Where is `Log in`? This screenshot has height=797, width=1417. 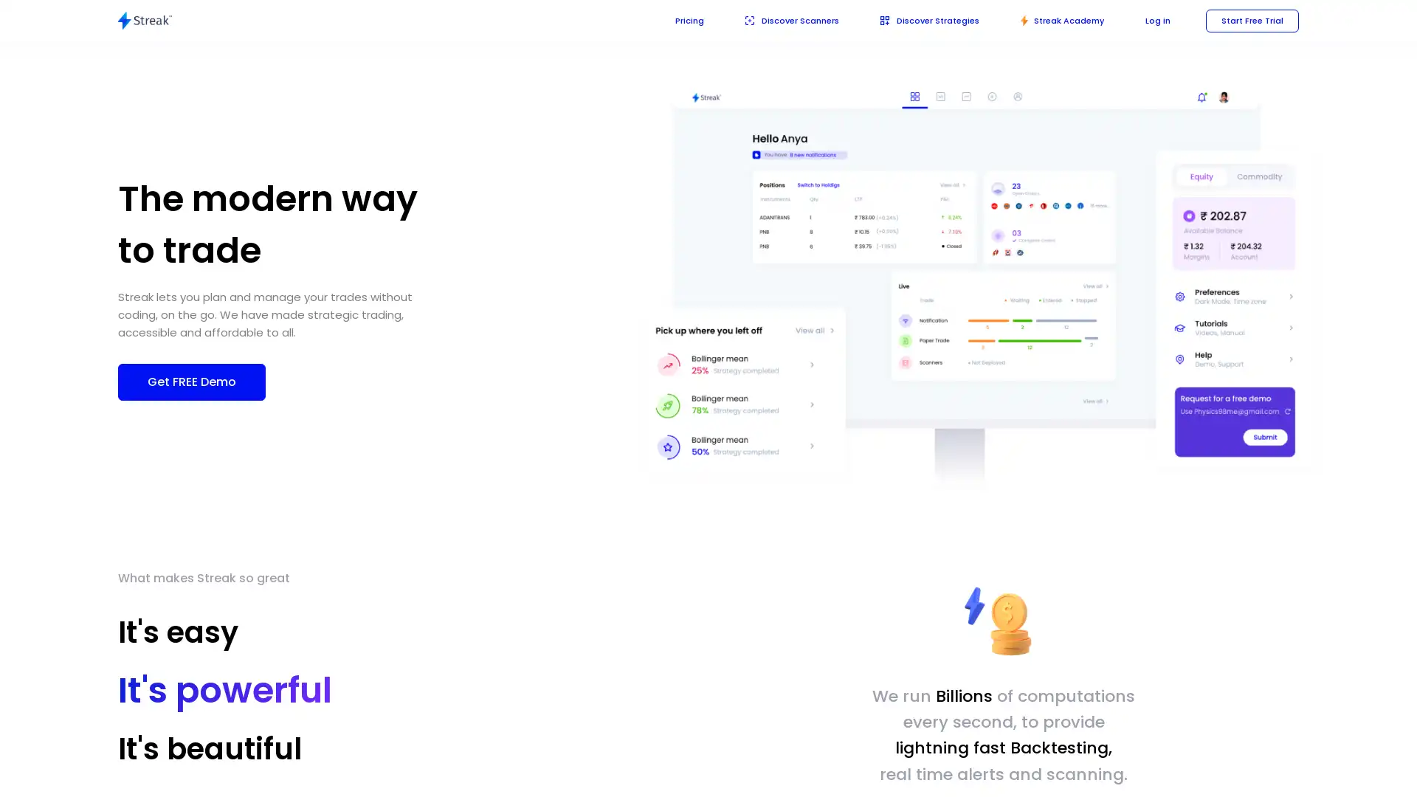 Log in is located at coordinates (1153, 20).